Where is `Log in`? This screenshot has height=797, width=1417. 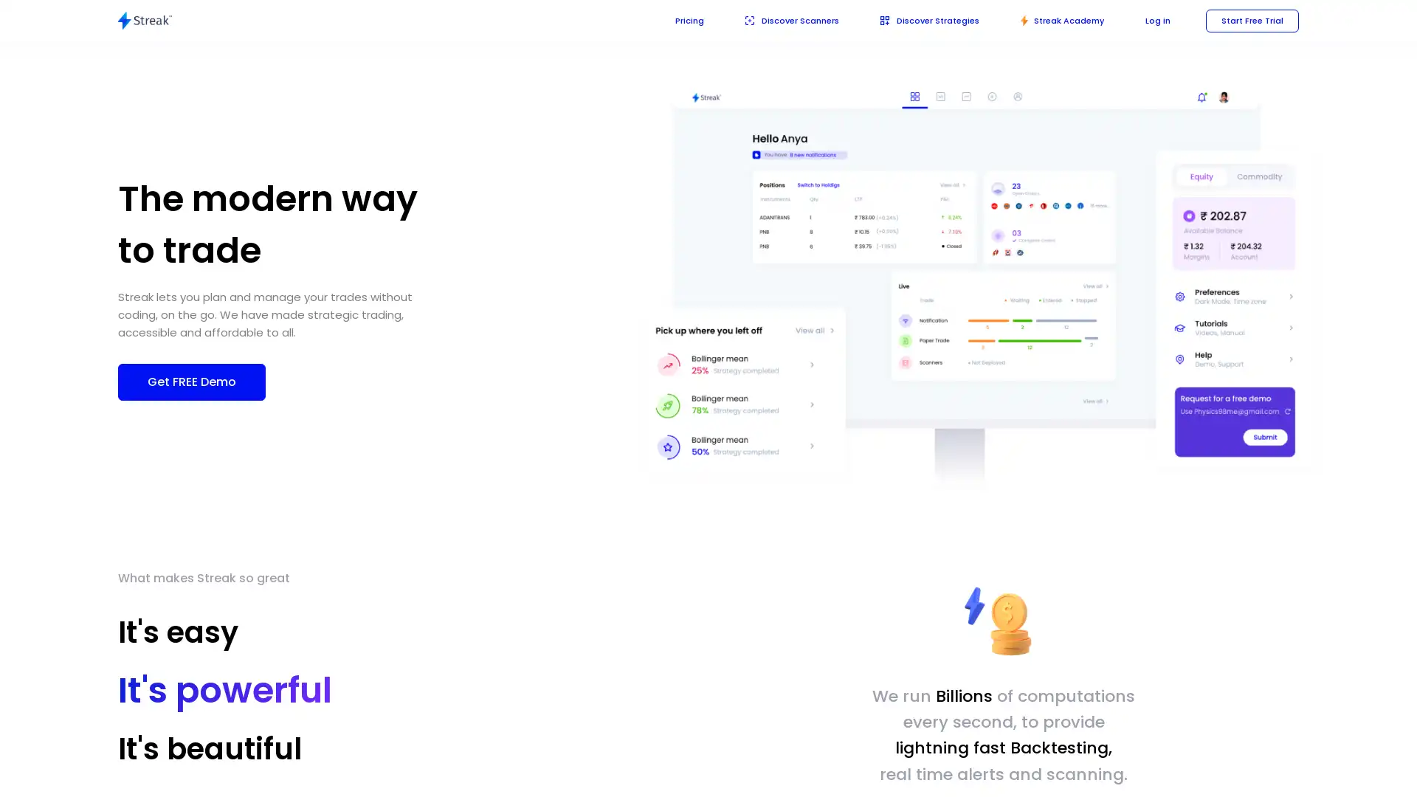 Log in is located at coordinates (1153, 20).